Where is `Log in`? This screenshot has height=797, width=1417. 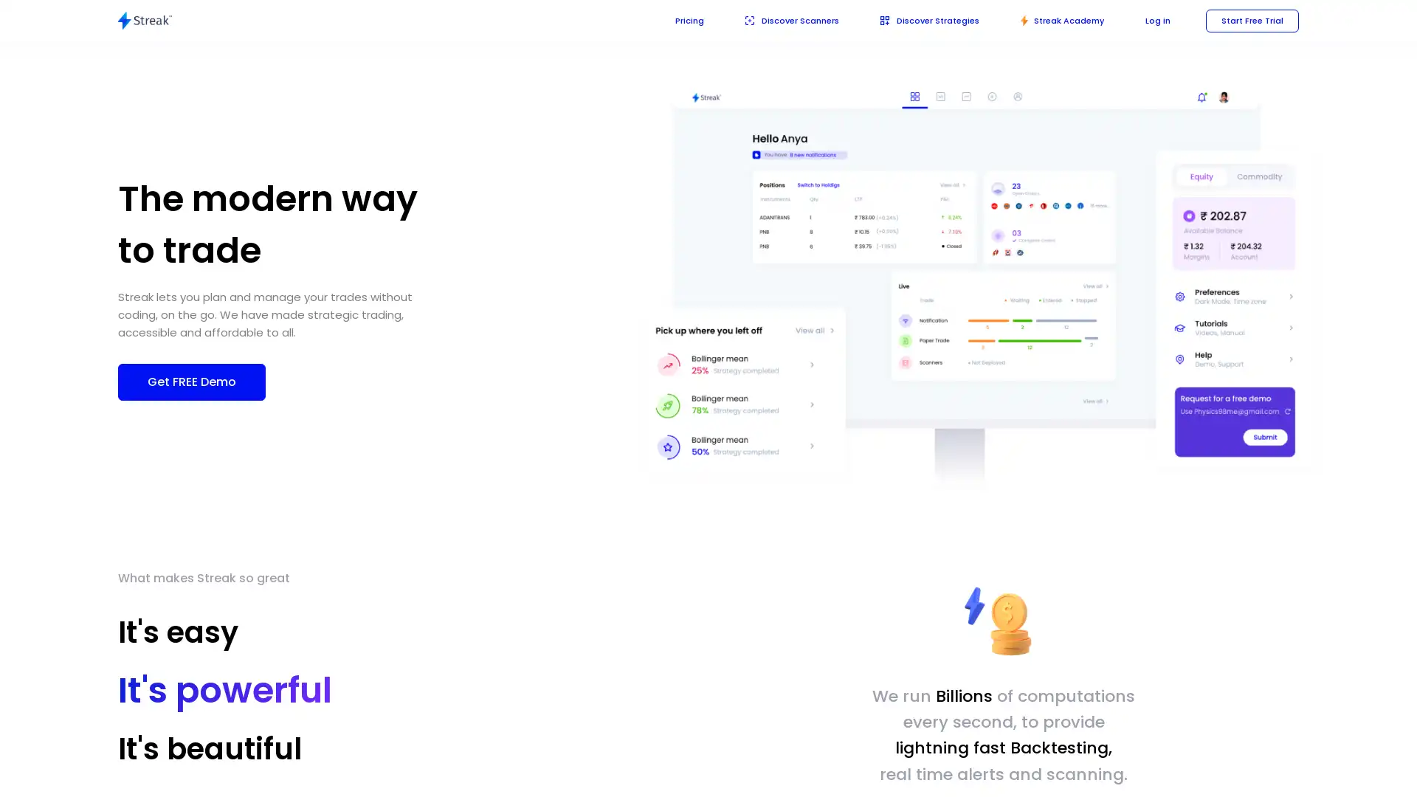 Log in is located at coordinates (1153, 20).